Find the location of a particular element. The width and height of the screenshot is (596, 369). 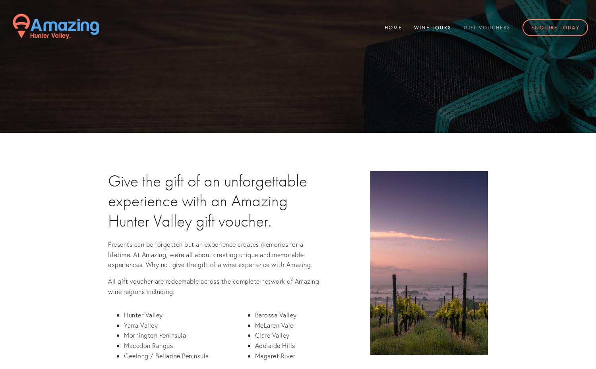

'Clare Valley' is located at coordinates (272, 334).